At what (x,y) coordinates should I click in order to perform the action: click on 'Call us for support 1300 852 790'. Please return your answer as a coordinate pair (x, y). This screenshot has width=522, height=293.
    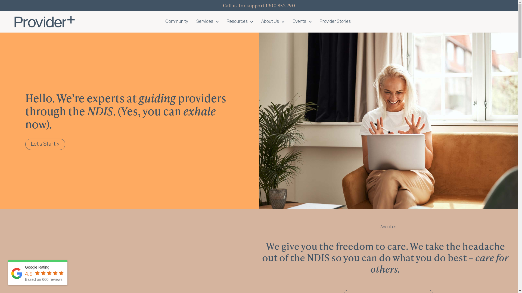
    Looking at the image, I should click on (259, 5).